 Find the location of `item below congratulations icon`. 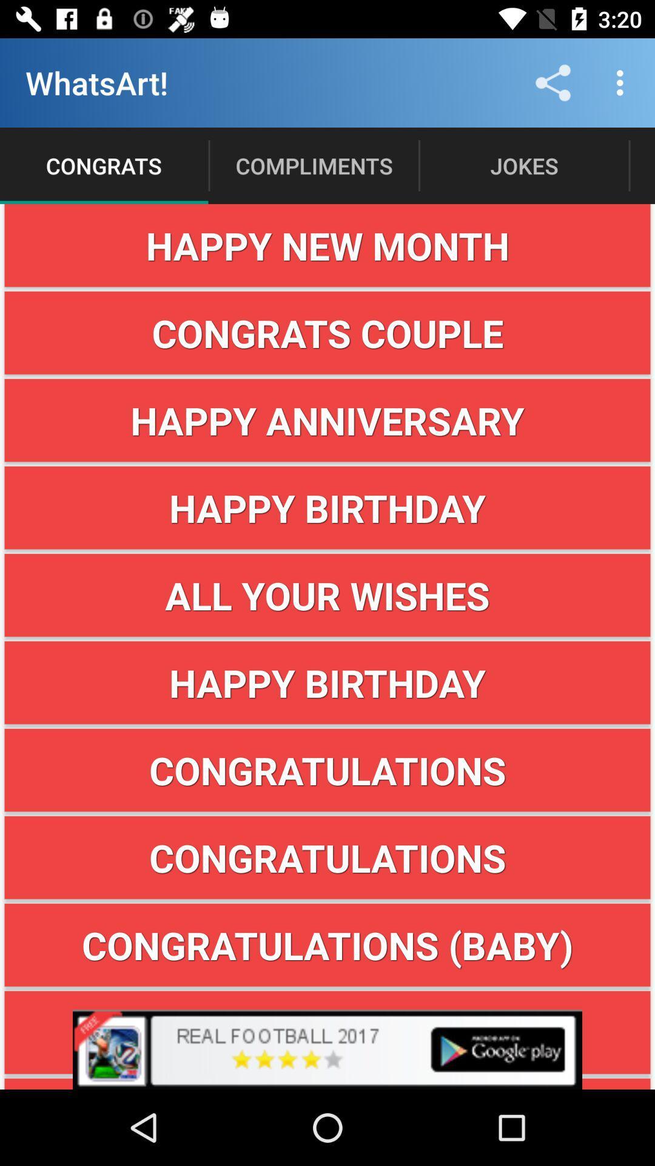

item below congratulations icon is located at coordinates (327, 944).